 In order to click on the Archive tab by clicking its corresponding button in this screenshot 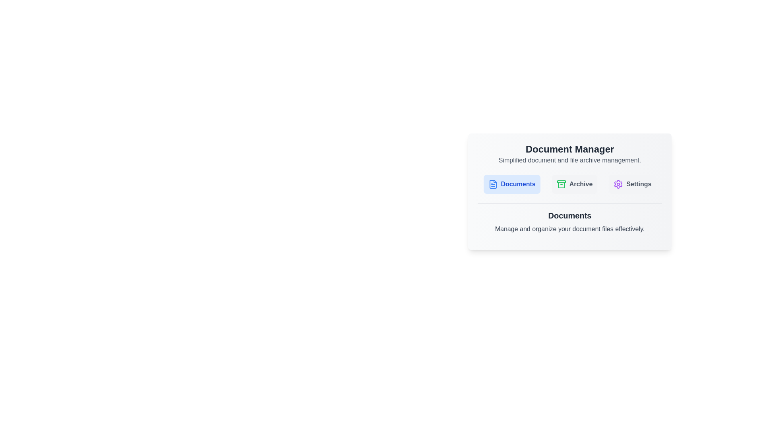, I will do `click(574, 184)`.